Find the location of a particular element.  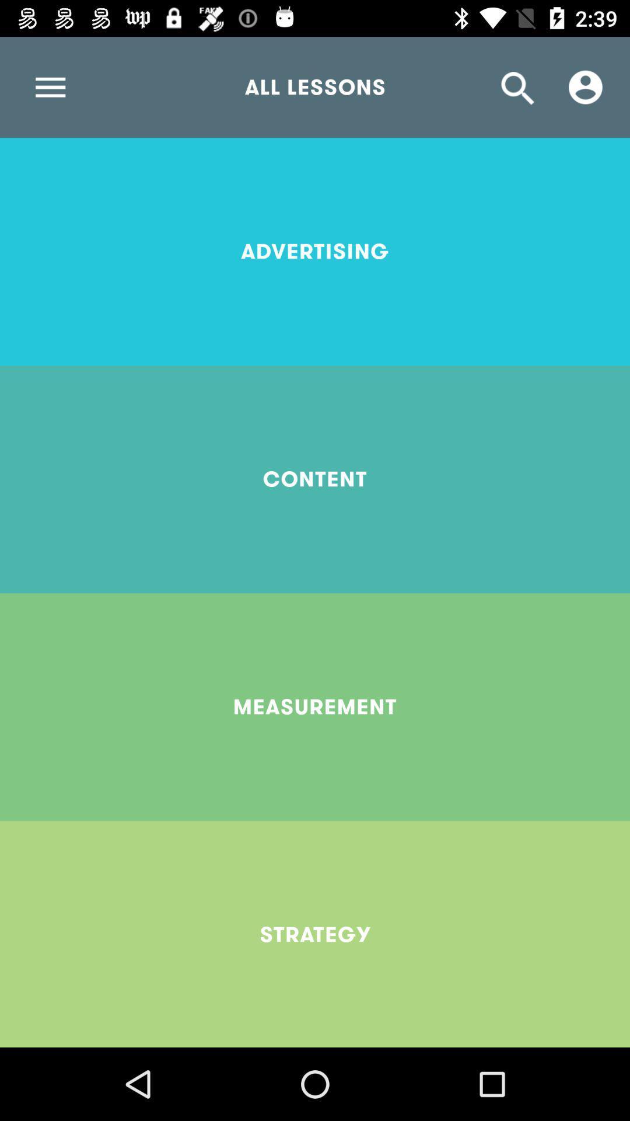

item next to the all lessons item is located at coordinates (50, 86).